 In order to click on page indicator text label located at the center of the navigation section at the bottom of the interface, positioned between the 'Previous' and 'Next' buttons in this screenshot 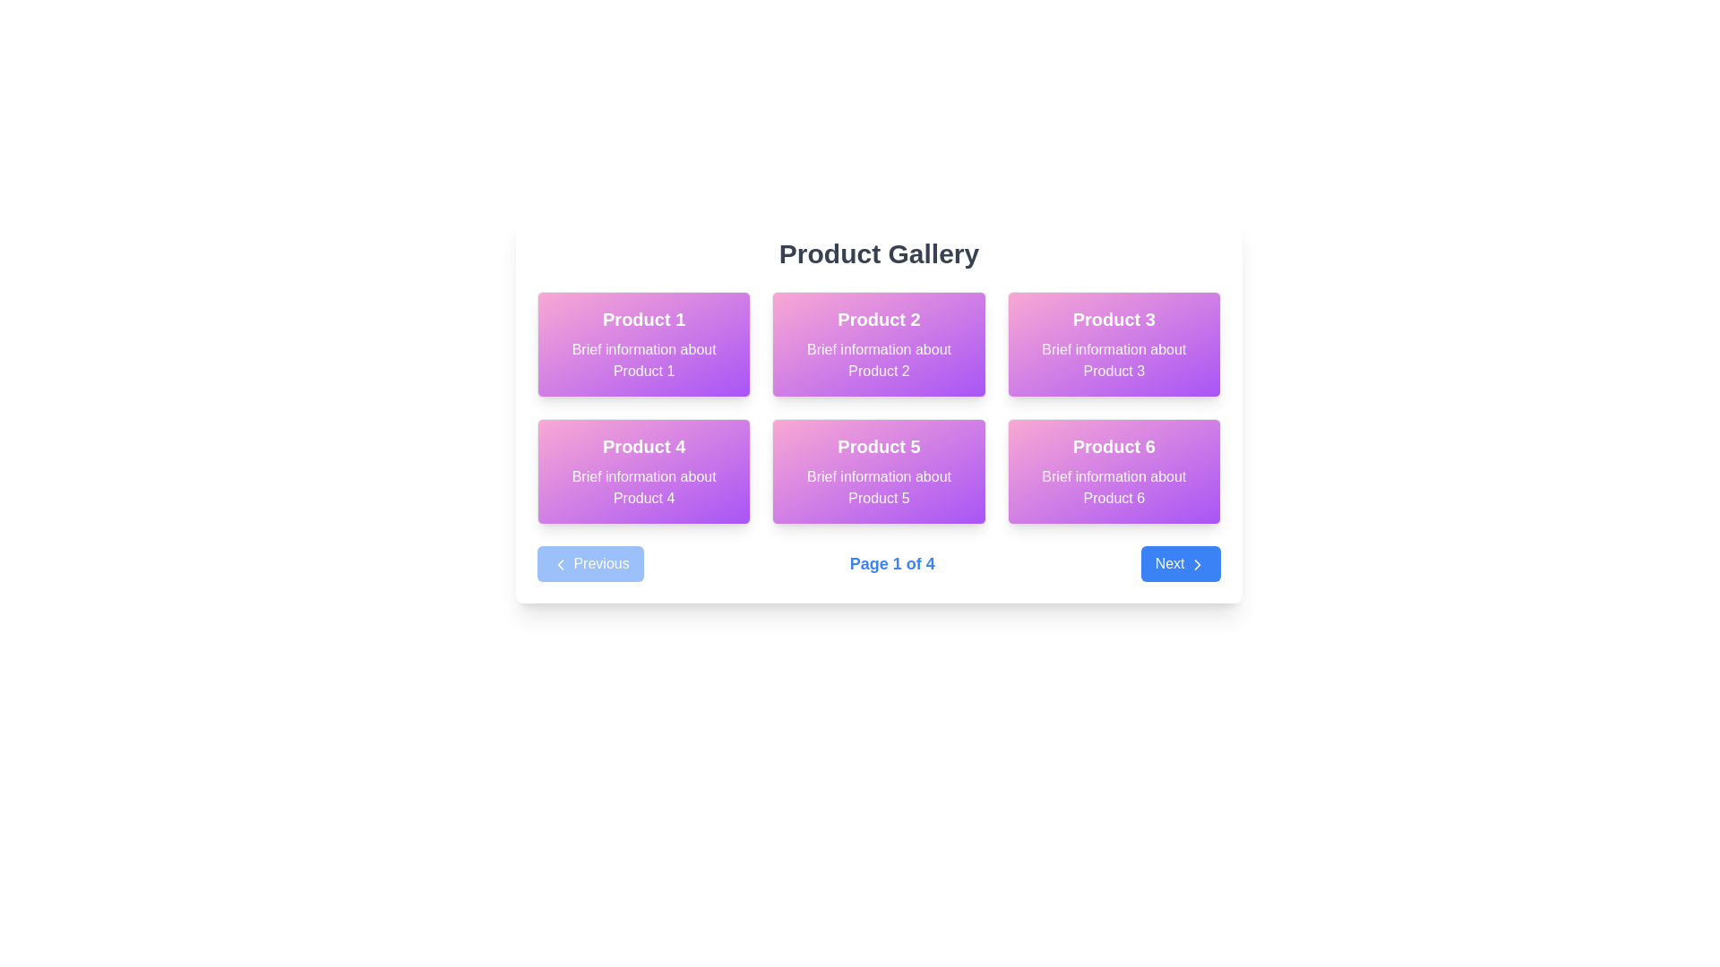, I will do `click(892, 562)`.